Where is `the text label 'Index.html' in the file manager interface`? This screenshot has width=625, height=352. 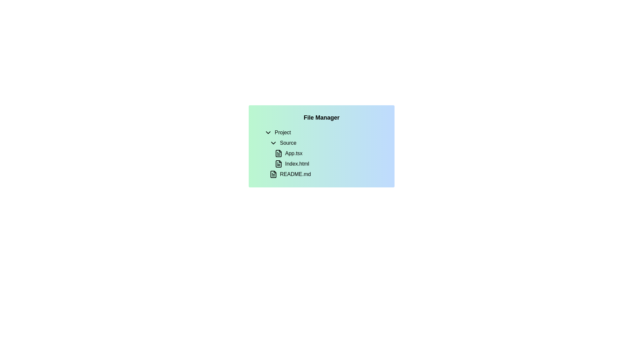 the text label 'Index.html' in the file manager interface is located at coordinates (297, 163).